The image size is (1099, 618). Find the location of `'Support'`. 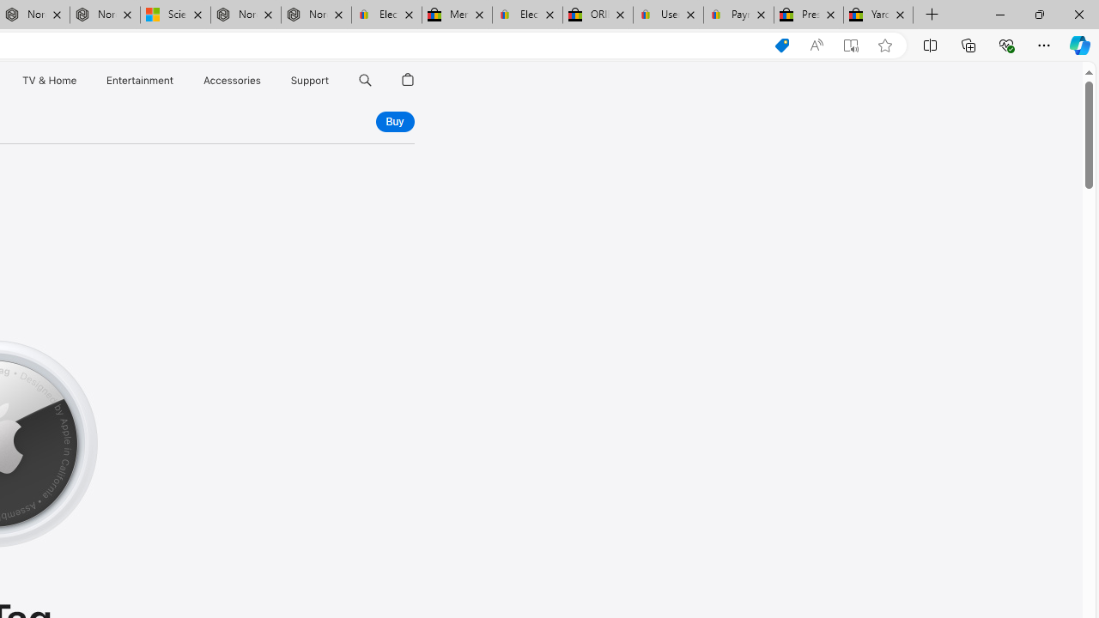

'Support' is located at coordinates (310, 80).